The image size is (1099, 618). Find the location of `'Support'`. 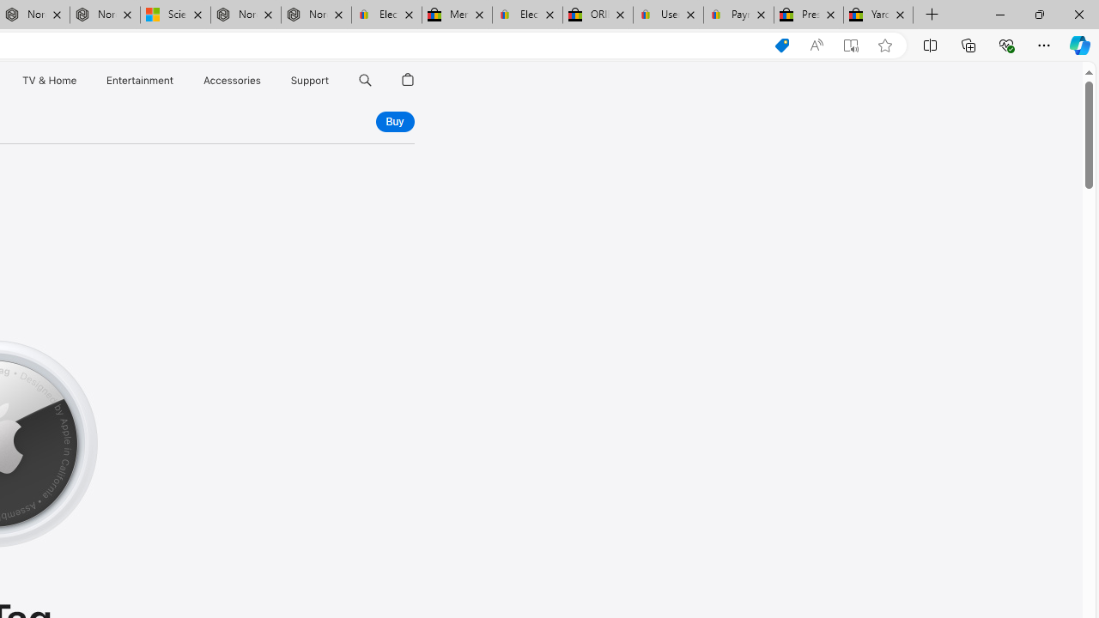

'Support' is located at coordinates (310, 80).